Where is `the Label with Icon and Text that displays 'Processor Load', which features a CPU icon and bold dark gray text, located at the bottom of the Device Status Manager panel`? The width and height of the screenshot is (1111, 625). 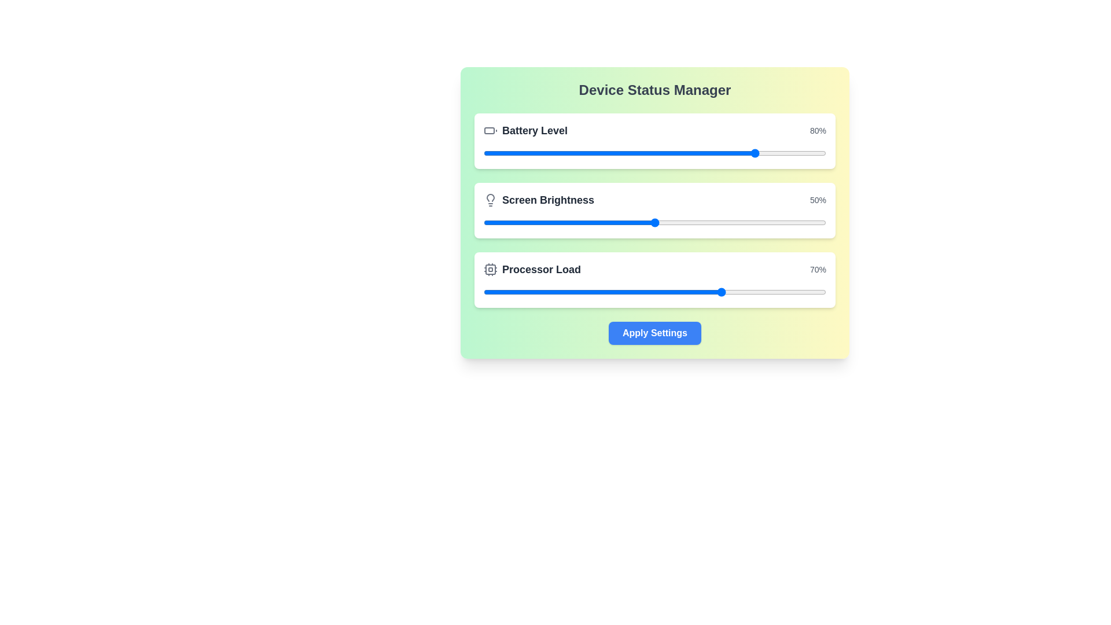 the Label with Icon and Text that displays 'Processor Load', which features a CPU icon and bold dark gray text, located at the bottom of the Device Status Manager panel is located at coordinates (532, 270).